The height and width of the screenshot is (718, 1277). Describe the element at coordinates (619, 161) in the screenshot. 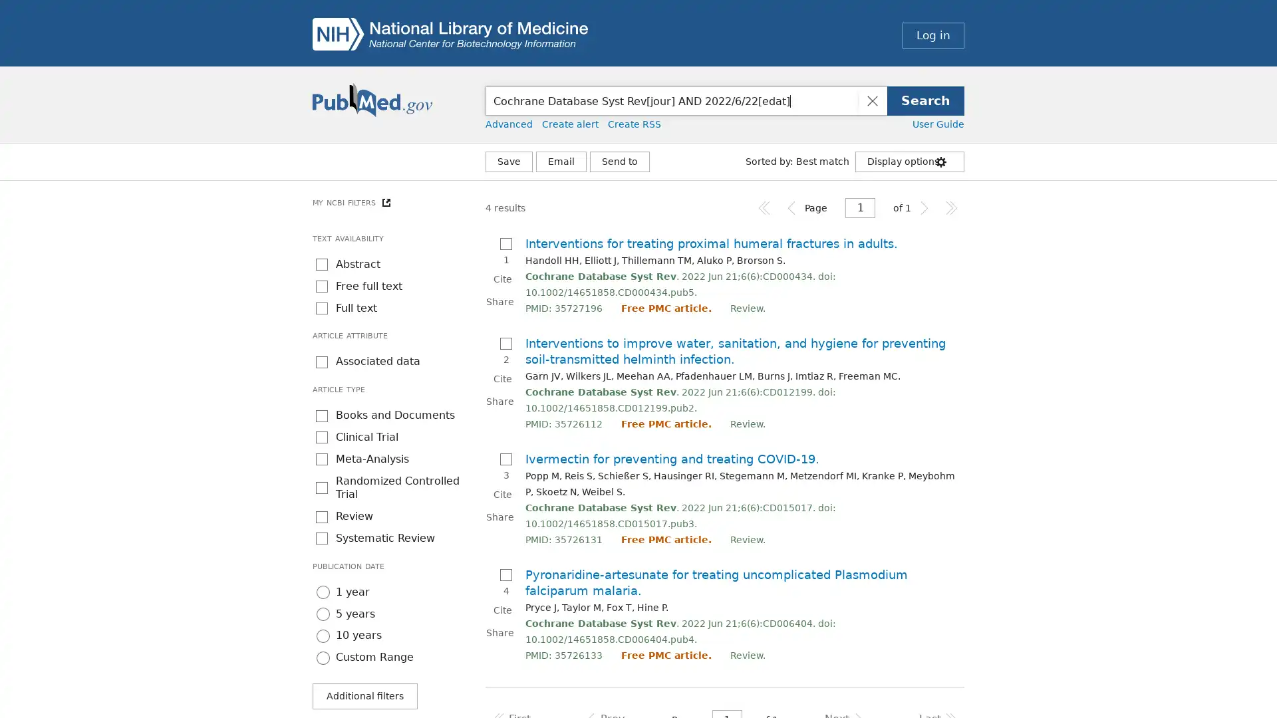

I see `More Actions` at that location.